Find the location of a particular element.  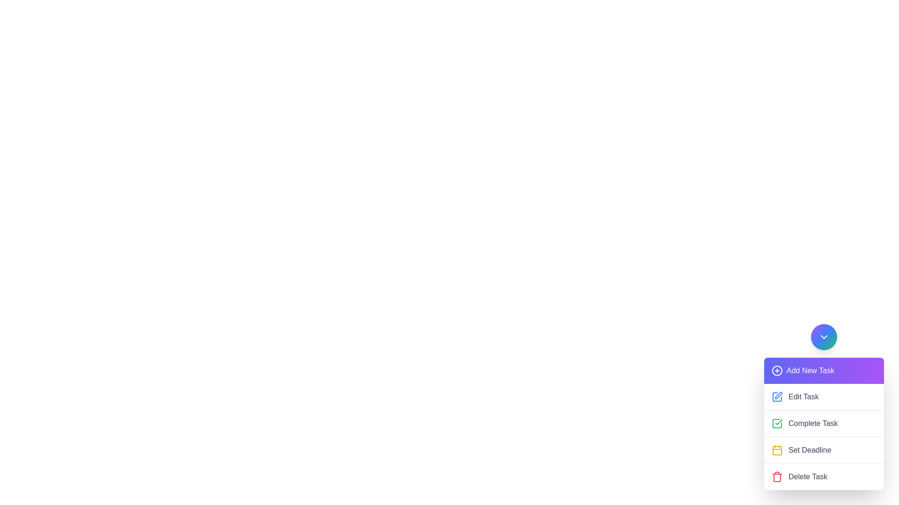

the second item in the vertical menu located in the bottom-right corner of the interface is located at coordinates (824, 406).